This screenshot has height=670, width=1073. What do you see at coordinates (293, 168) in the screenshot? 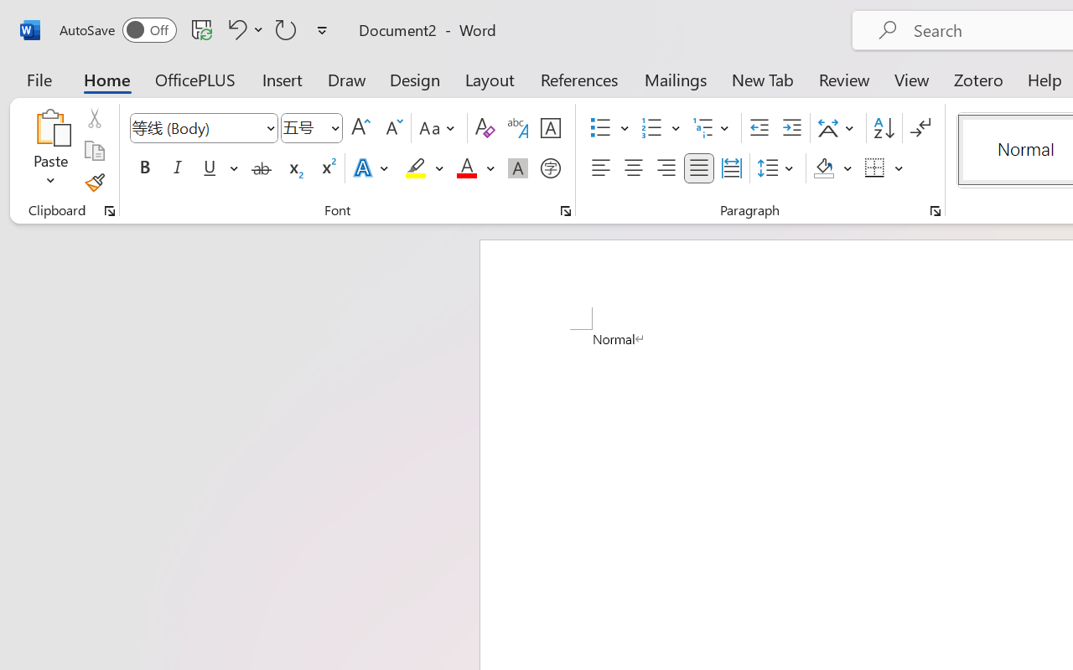
I see `'Subscript'` at bounding box center [293, 168].